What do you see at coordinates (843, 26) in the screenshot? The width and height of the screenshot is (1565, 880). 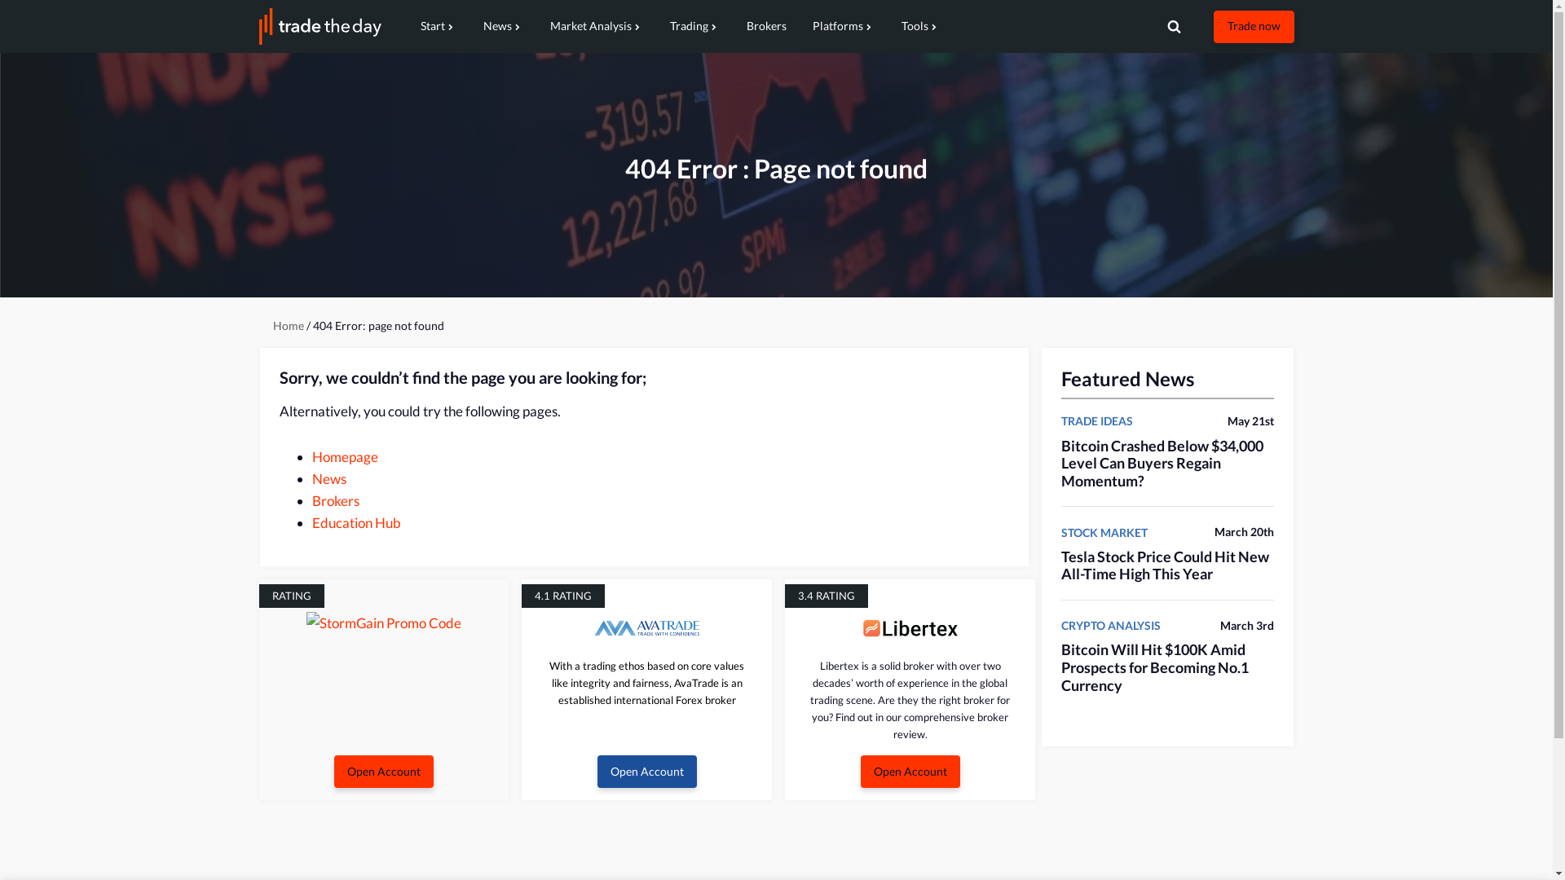 I see `'Platforms'` at bounding box center [843, 26].